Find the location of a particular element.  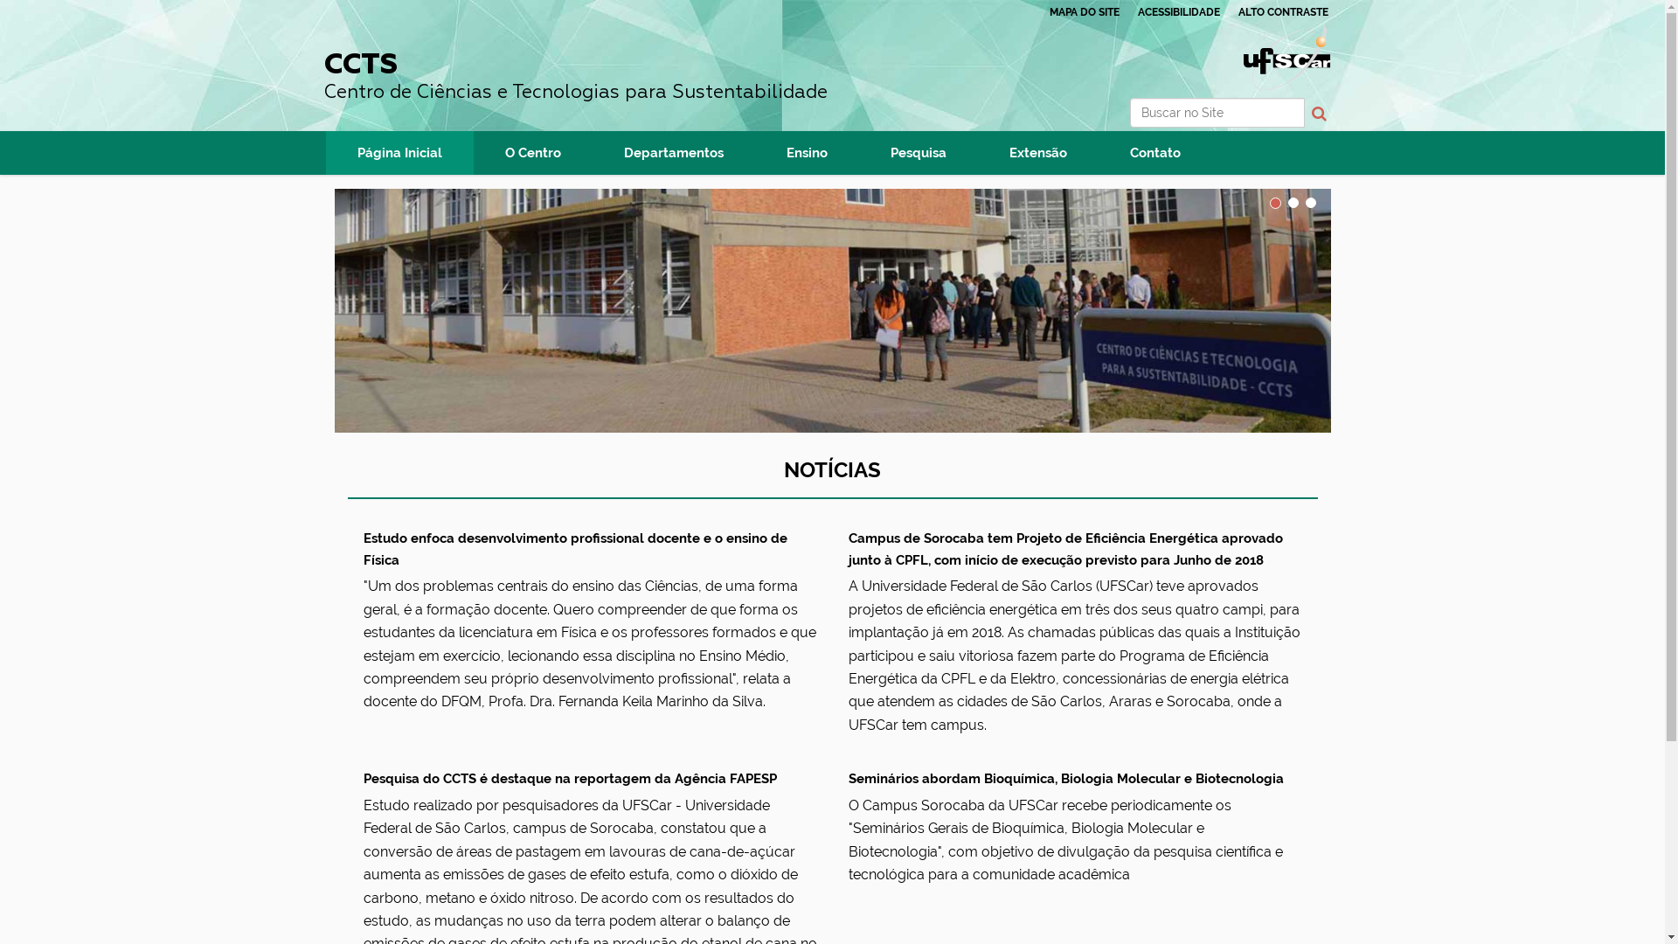

'Buscar no Site' is located at coordinates (1216, 112).